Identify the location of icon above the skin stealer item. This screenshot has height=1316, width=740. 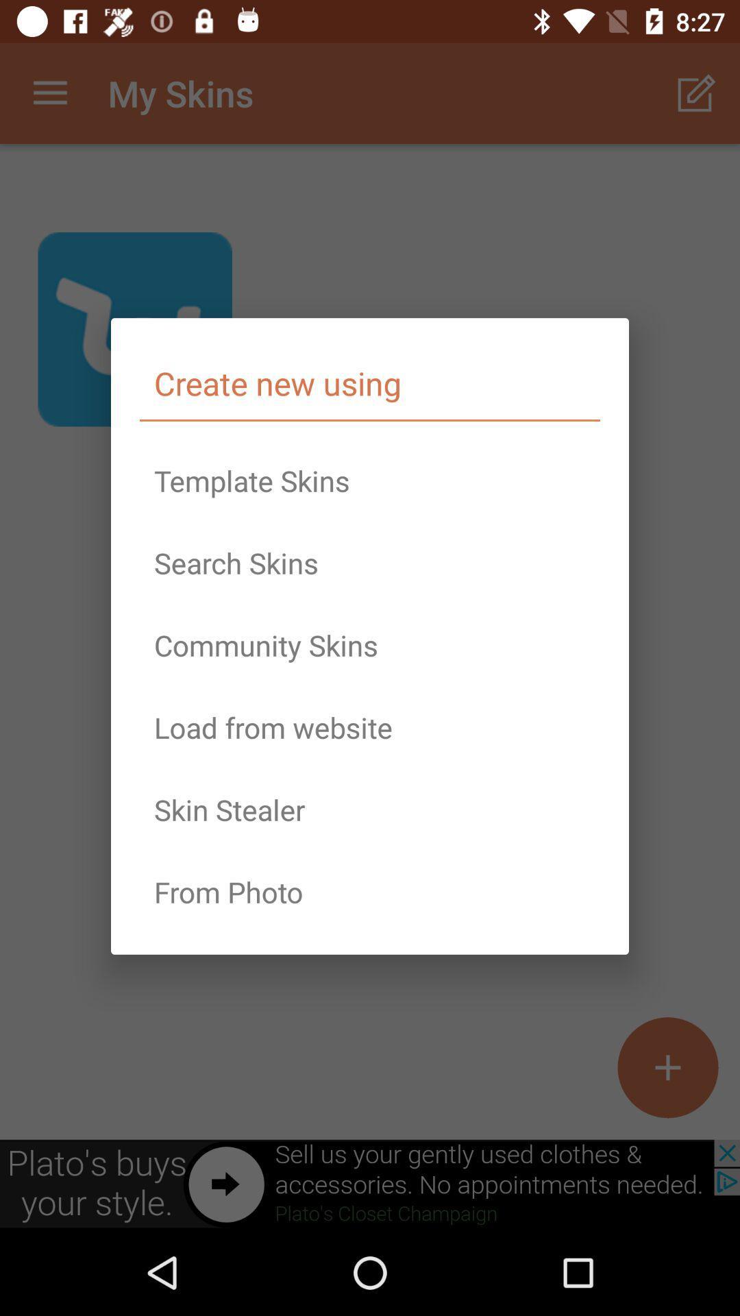
(370, 727).